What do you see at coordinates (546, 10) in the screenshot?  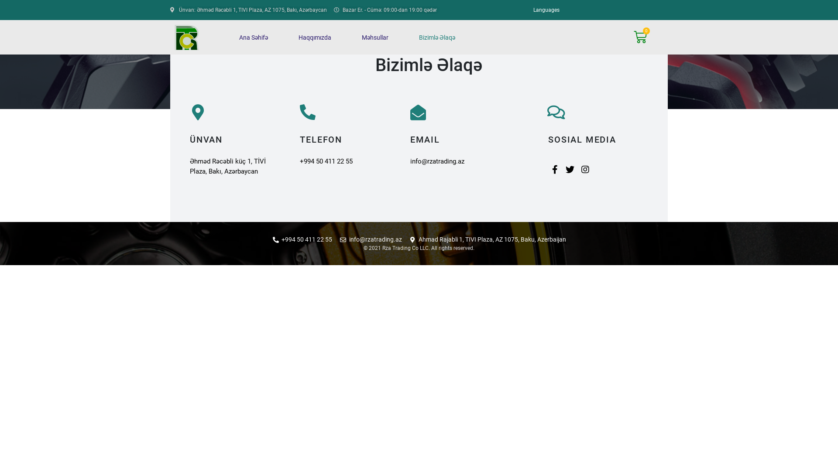 I see `'Languages'` at bounding box center [546, 10].